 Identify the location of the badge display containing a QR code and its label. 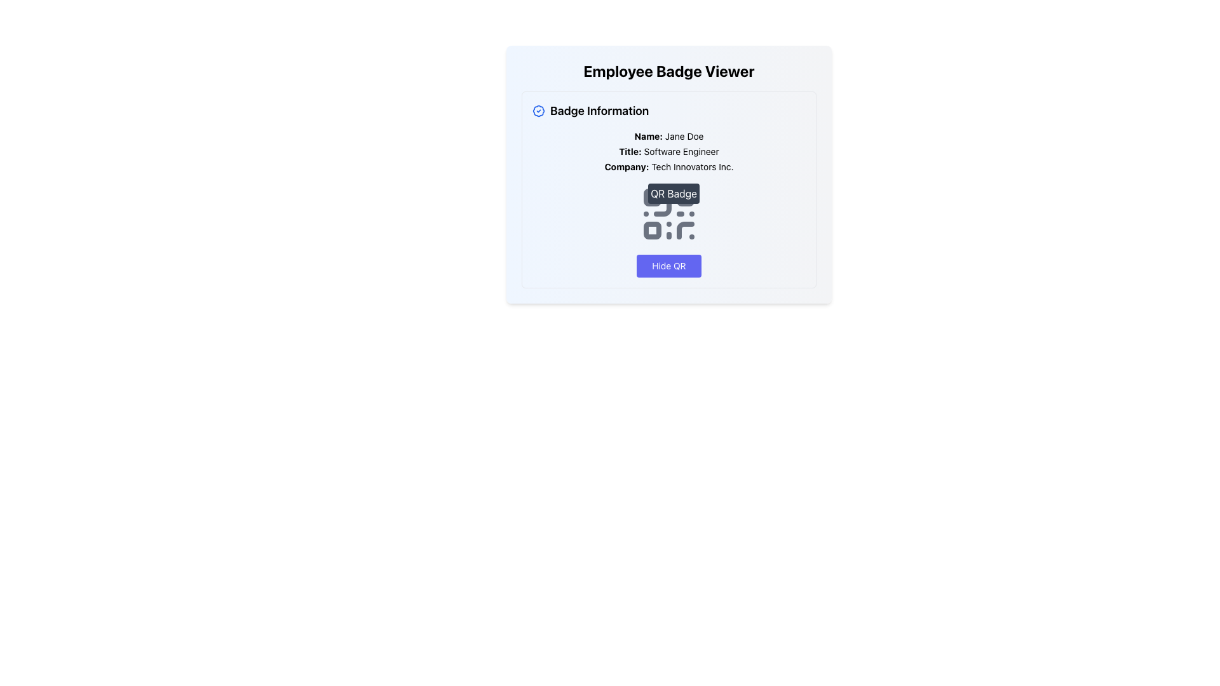
(668, 213).